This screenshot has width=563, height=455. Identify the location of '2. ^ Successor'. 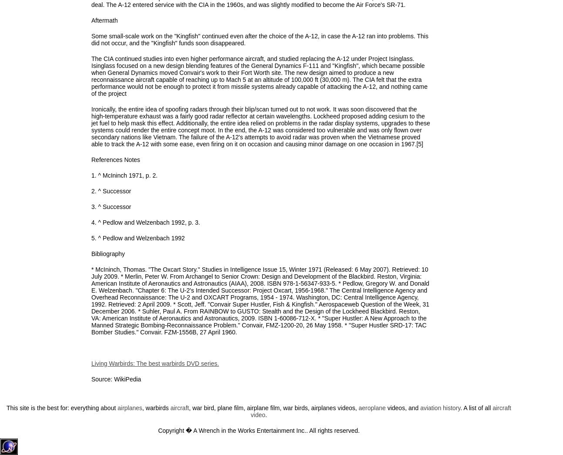
(91, 191).